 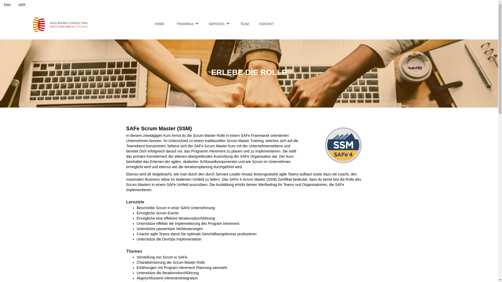 I want to click on 'ENG', so click(x=7, y=5).